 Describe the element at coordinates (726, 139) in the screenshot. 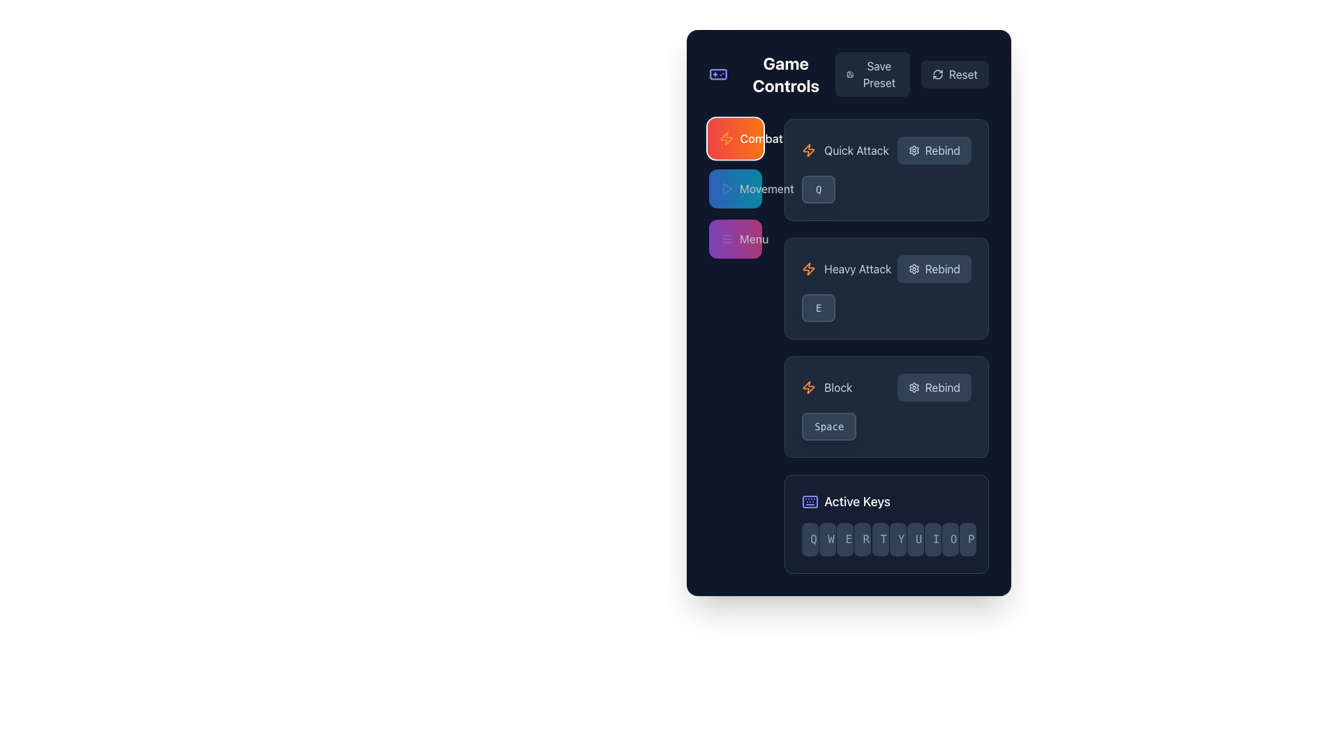

I see `the lightning bolt icon in the orange-highlighted 'Combat' button located in the left sidebar of the interface` at that location.